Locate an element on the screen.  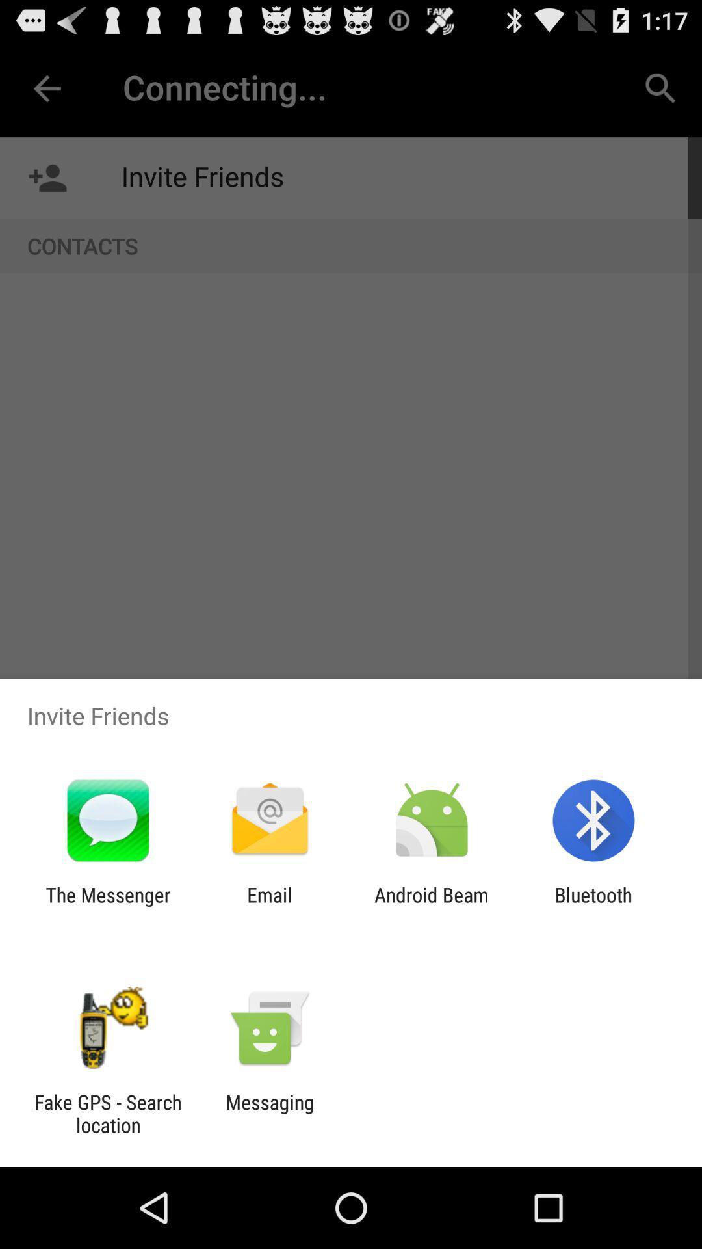
the app next to the email item is located at coordinates (432, 906).